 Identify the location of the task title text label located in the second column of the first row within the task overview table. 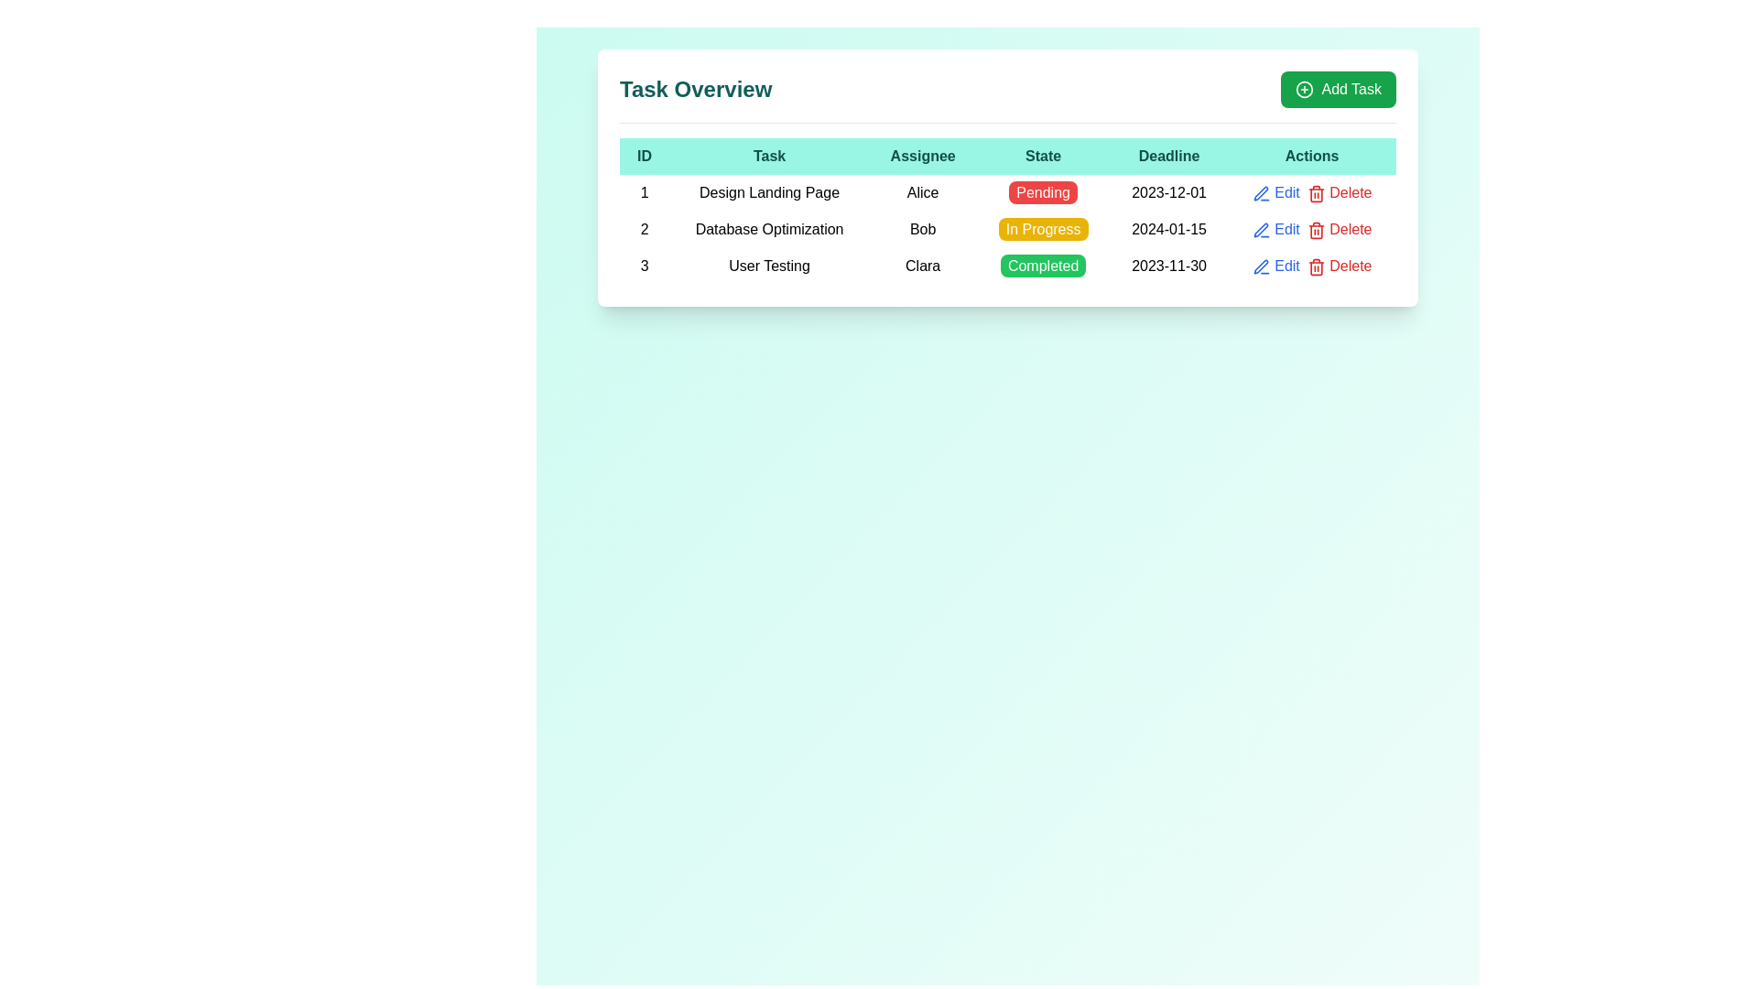
(769, 193).